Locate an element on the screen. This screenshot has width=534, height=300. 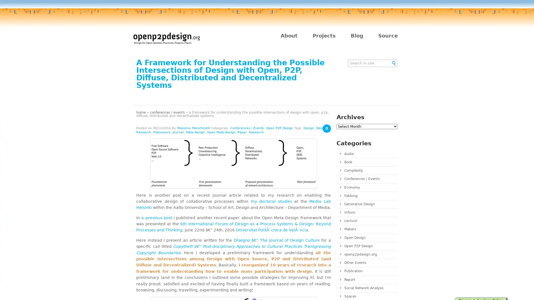
Search is located at coordinates (394, 62).